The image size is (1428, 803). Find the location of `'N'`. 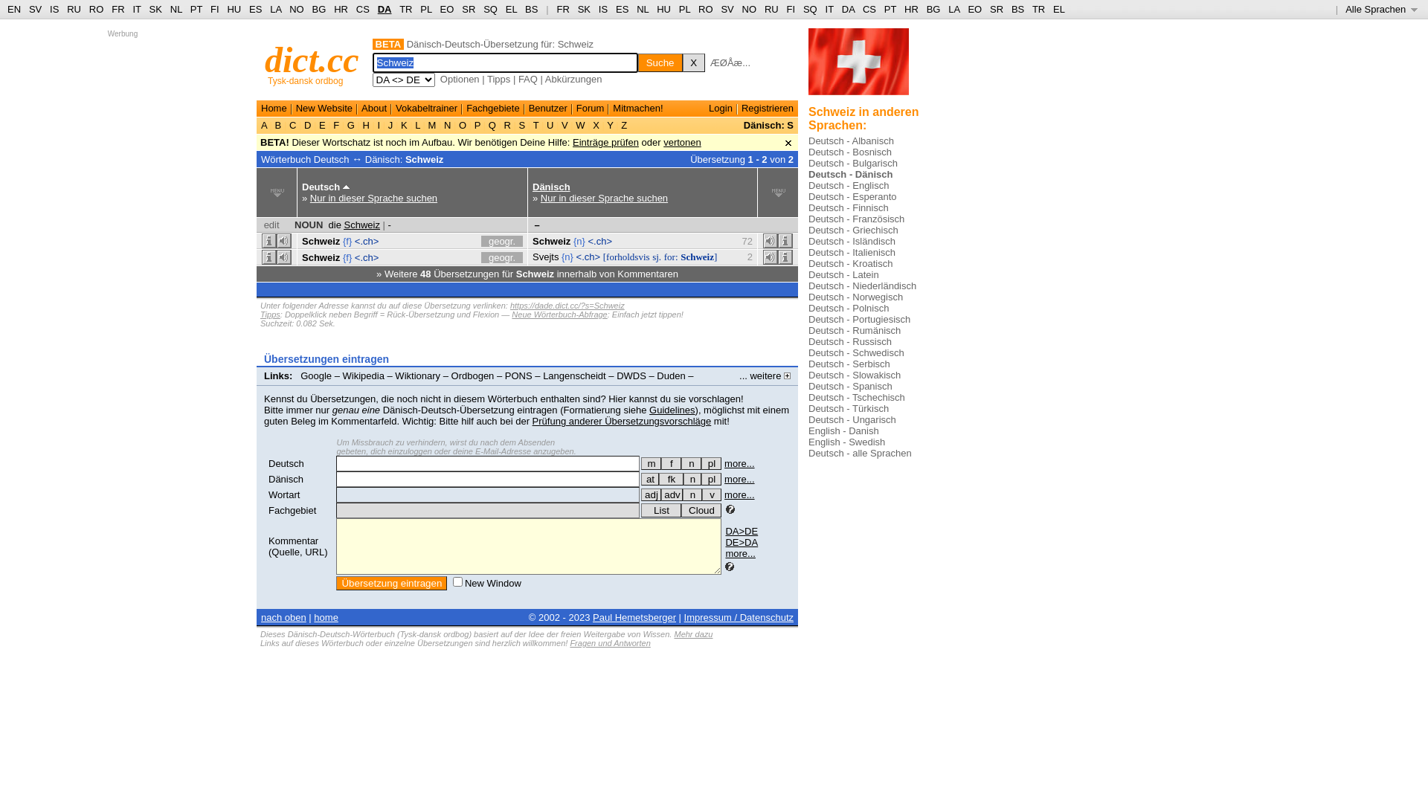

'N' is located at coordinates (446, 124).